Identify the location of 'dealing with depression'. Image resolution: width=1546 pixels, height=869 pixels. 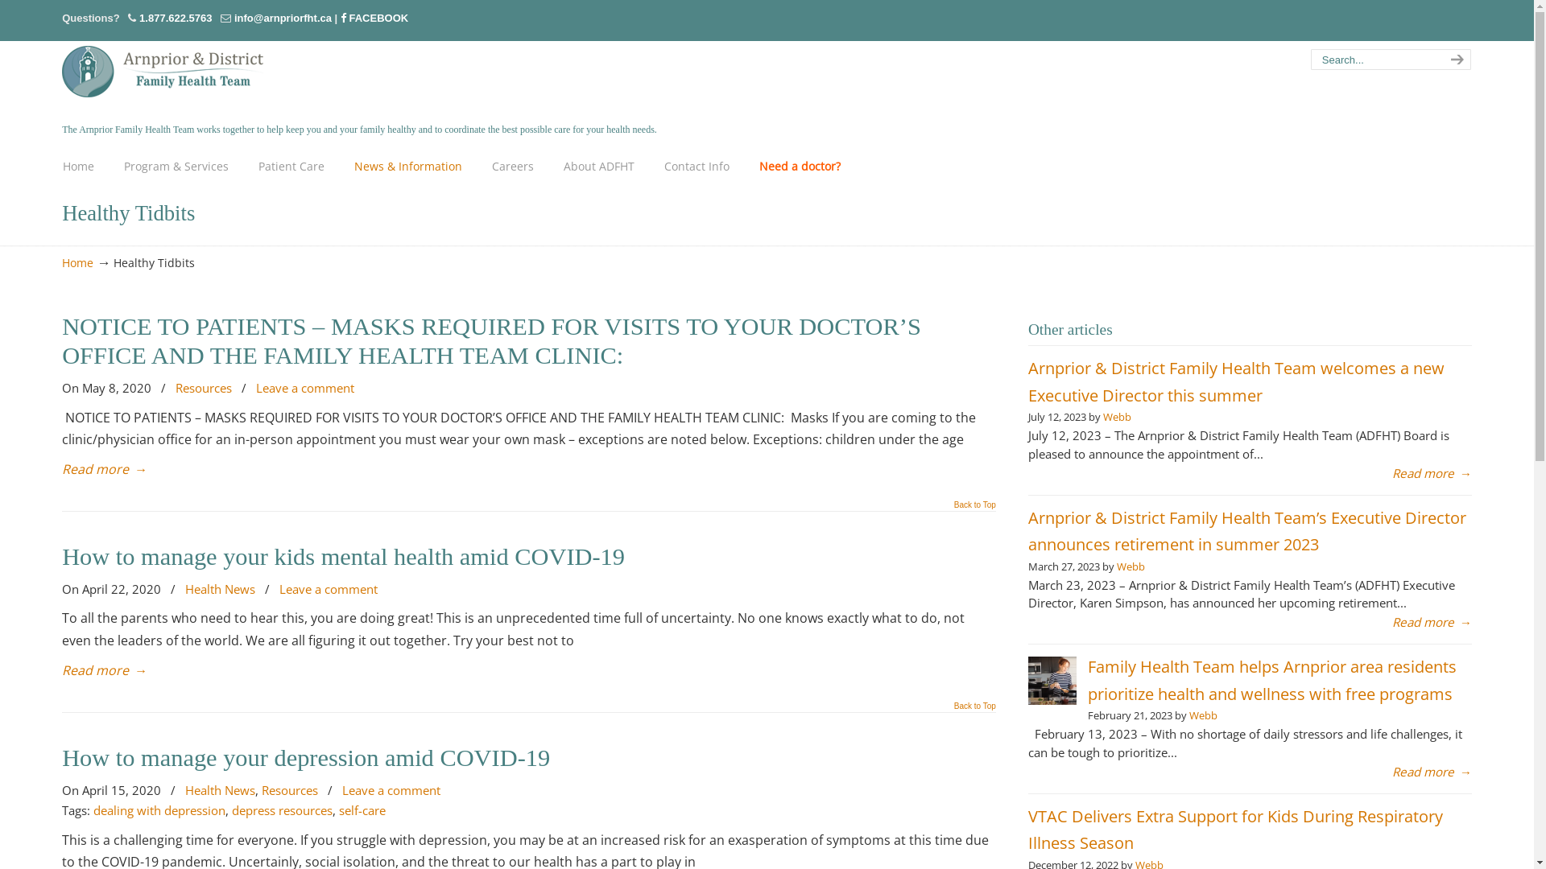
(159, 810).